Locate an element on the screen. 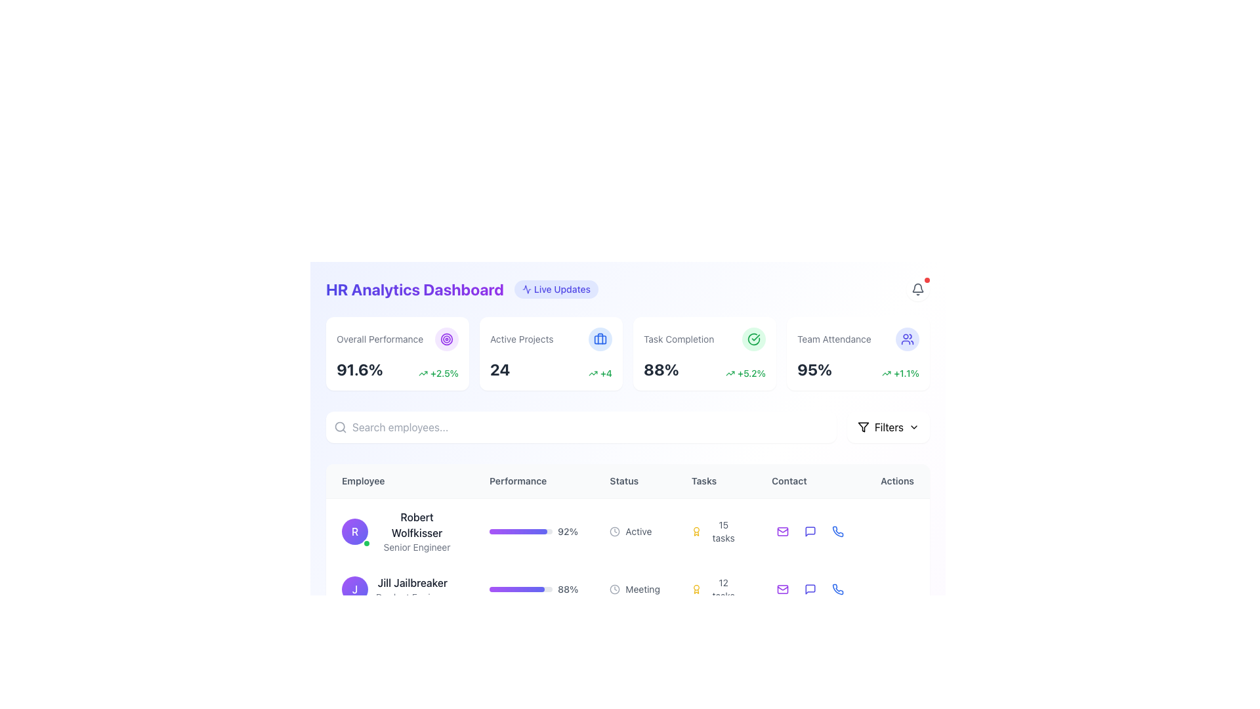  the circular profile picture placeholder with a purple gradient background and the letter 'J' in white is located at coordinates (355, 589).